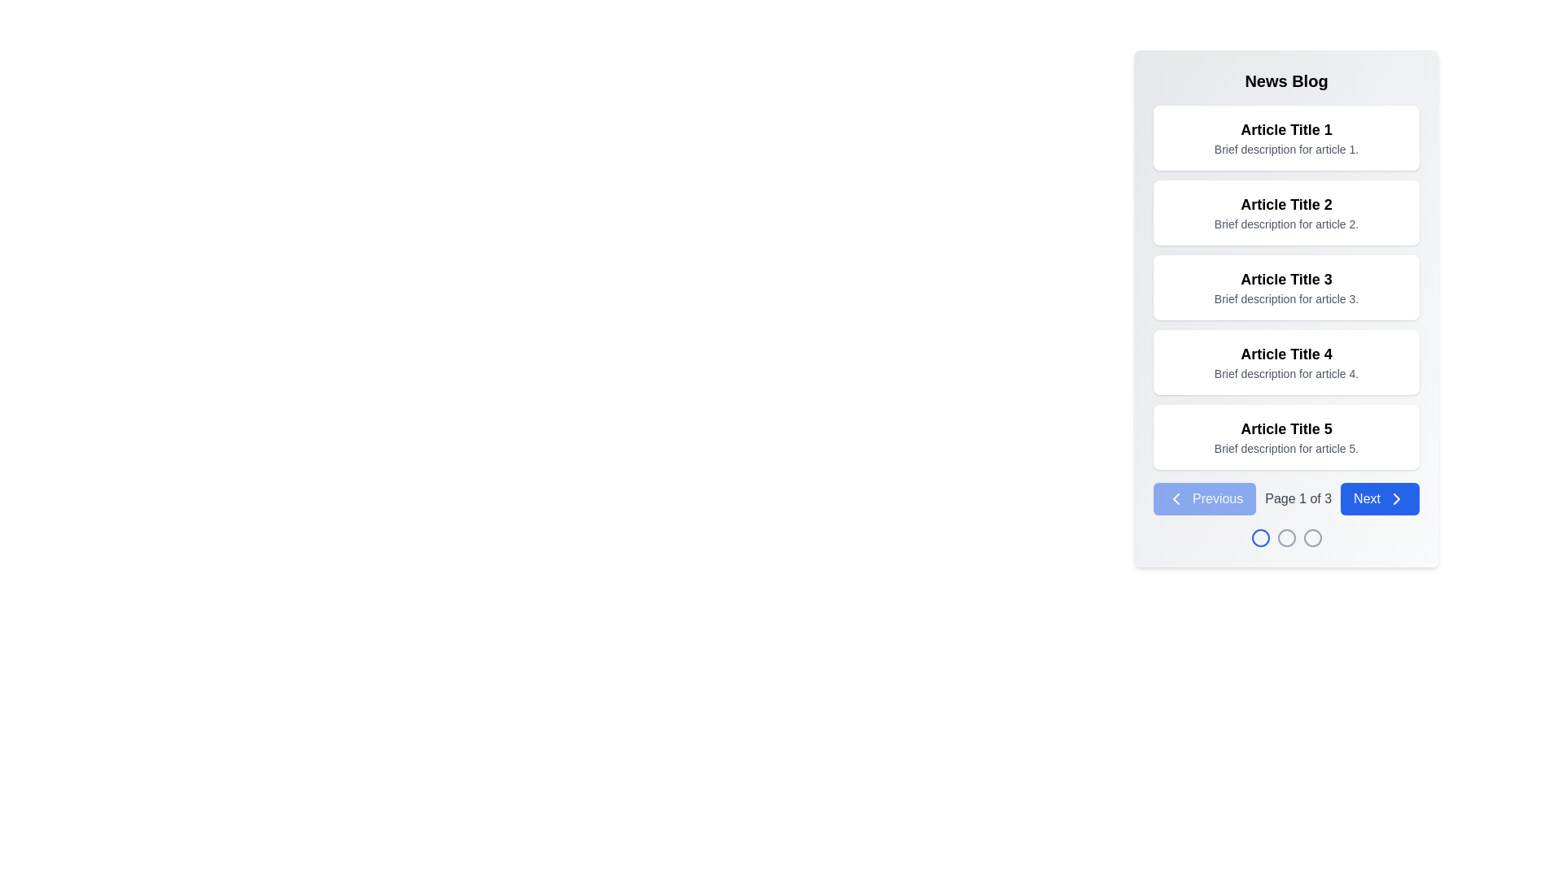  What do you see at coordinates (1259, 538) in the screenshot?
I see `the first circular pagination indicator located at the bottom center of the page` at bounding box center [1259, 538].